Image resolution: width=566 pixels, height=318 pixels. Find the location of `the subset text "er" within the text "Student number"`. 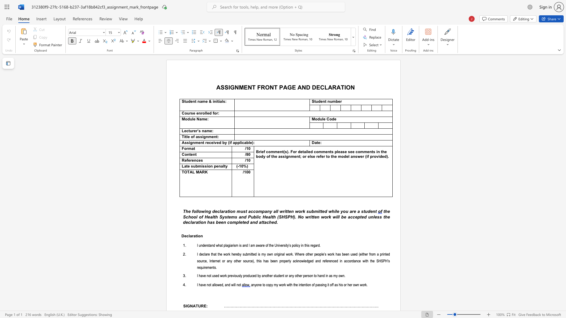

the subset text "er" within the text "Student number" is located at coordinates (338, 101).